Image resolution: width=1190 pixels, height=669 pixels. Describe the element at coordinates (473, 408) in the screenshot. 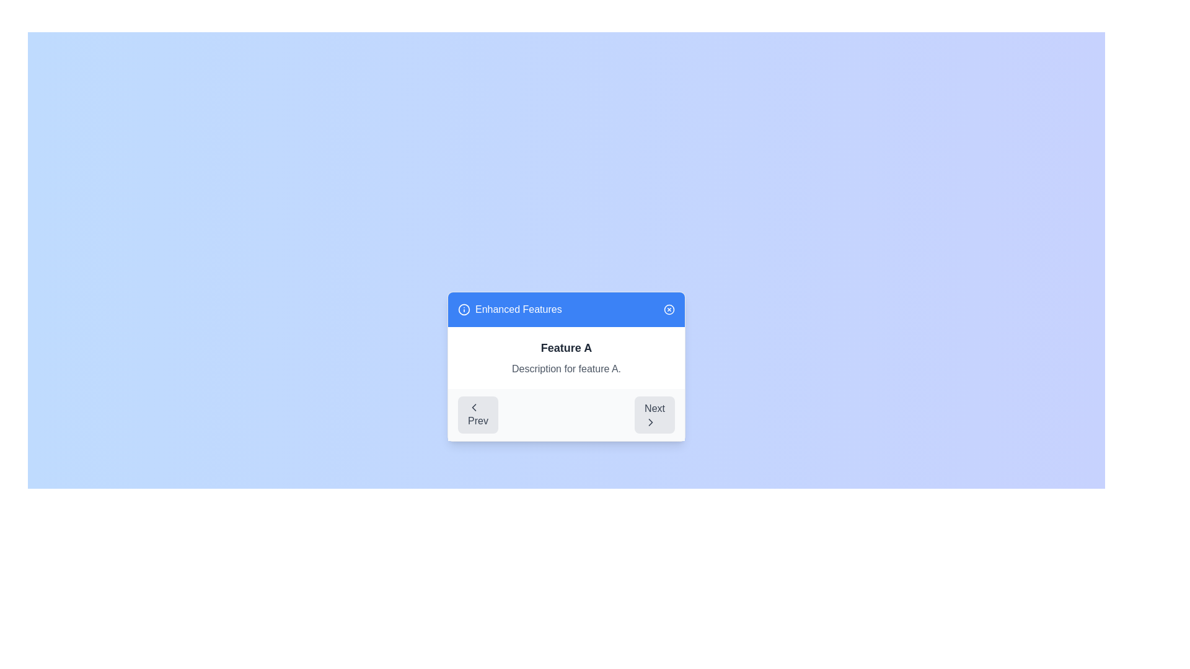

I see `the Chevron icon inside the 'Prev' navigation button located at the bottom-left corner of the feature description modal` at that location.